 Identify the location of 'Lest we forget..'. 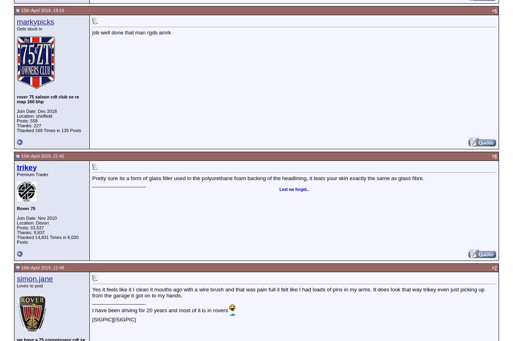
(293, 189).